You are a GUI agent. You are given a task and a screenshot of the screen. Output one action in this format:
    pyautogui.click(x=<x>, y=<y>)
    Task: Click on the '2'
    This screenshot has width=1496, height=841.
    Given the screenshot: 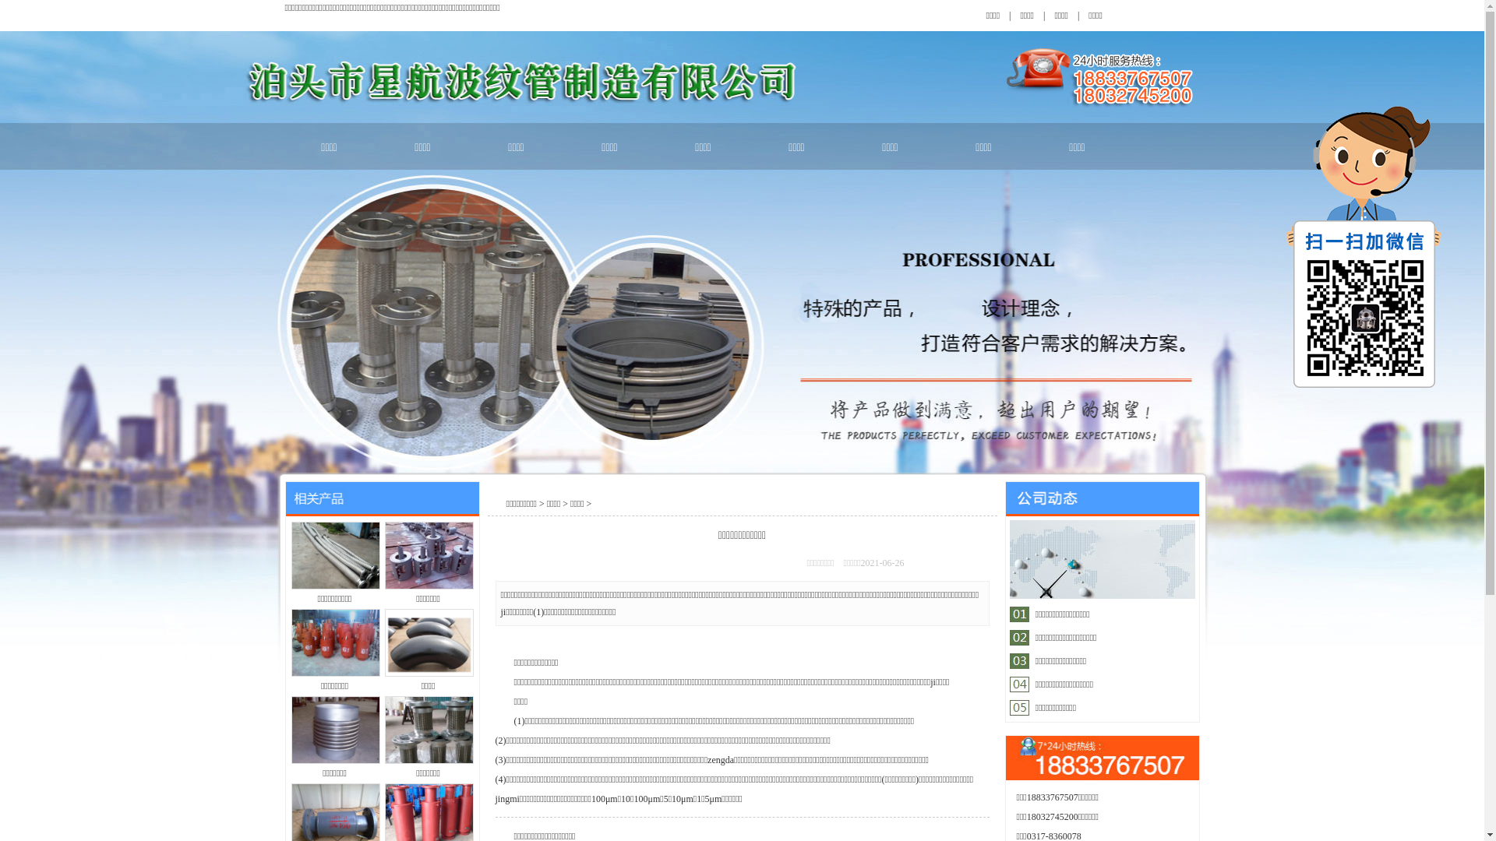 What is the action you would take?
    pyautogui.click(x=1084, y=614)
    